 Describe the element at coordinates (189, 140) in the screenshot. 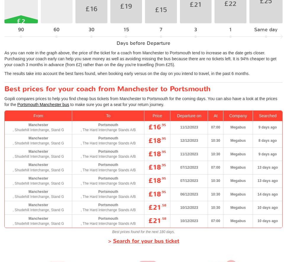

I see `'12/12/2023'` at that location.